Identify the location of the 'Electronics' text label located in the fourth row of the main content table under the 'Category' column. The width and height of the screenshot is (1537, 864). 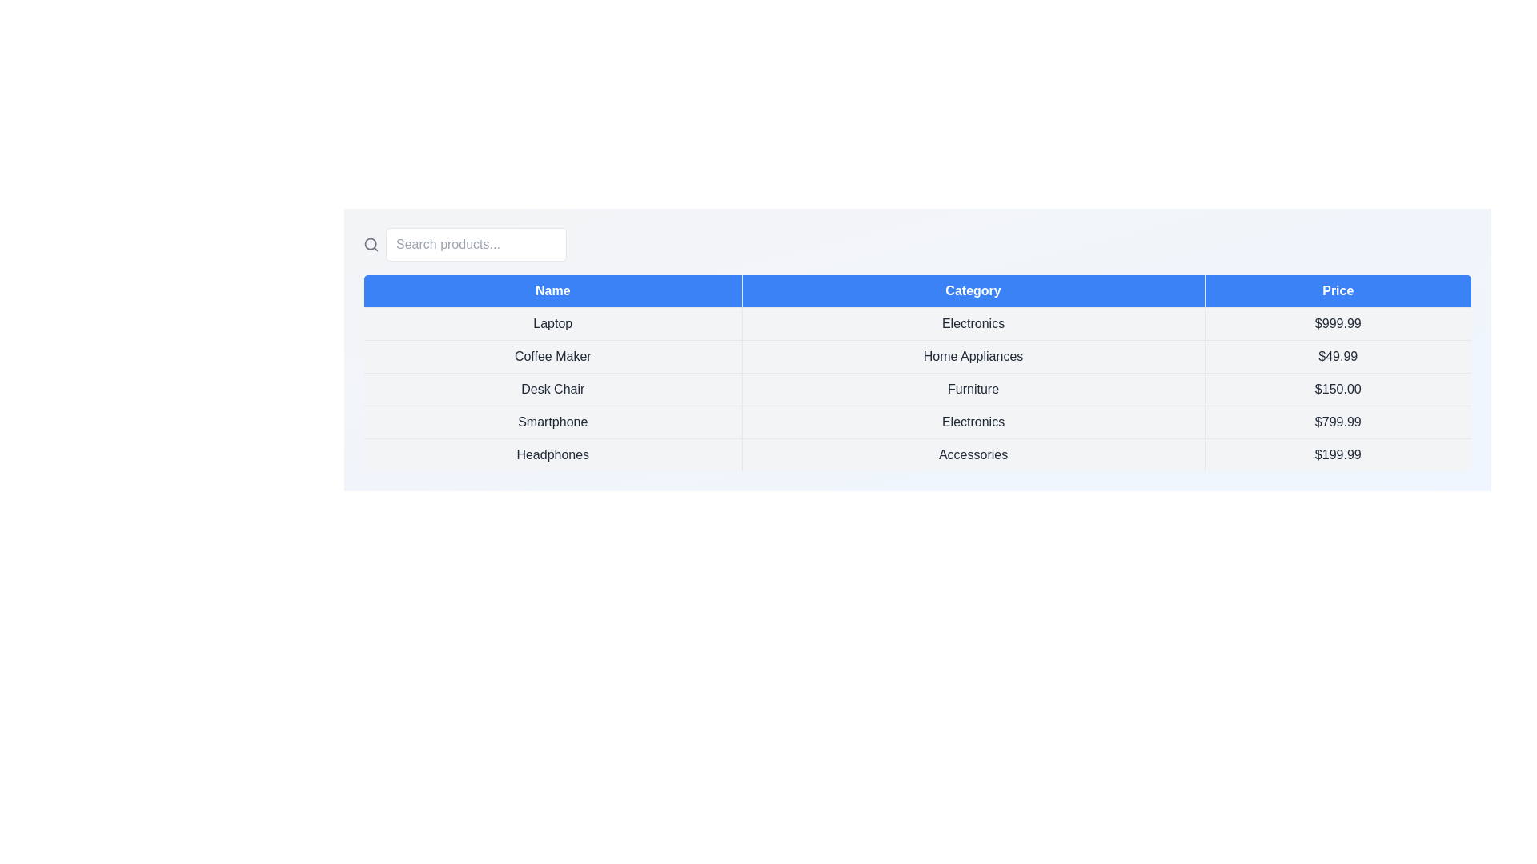
(973, 422).